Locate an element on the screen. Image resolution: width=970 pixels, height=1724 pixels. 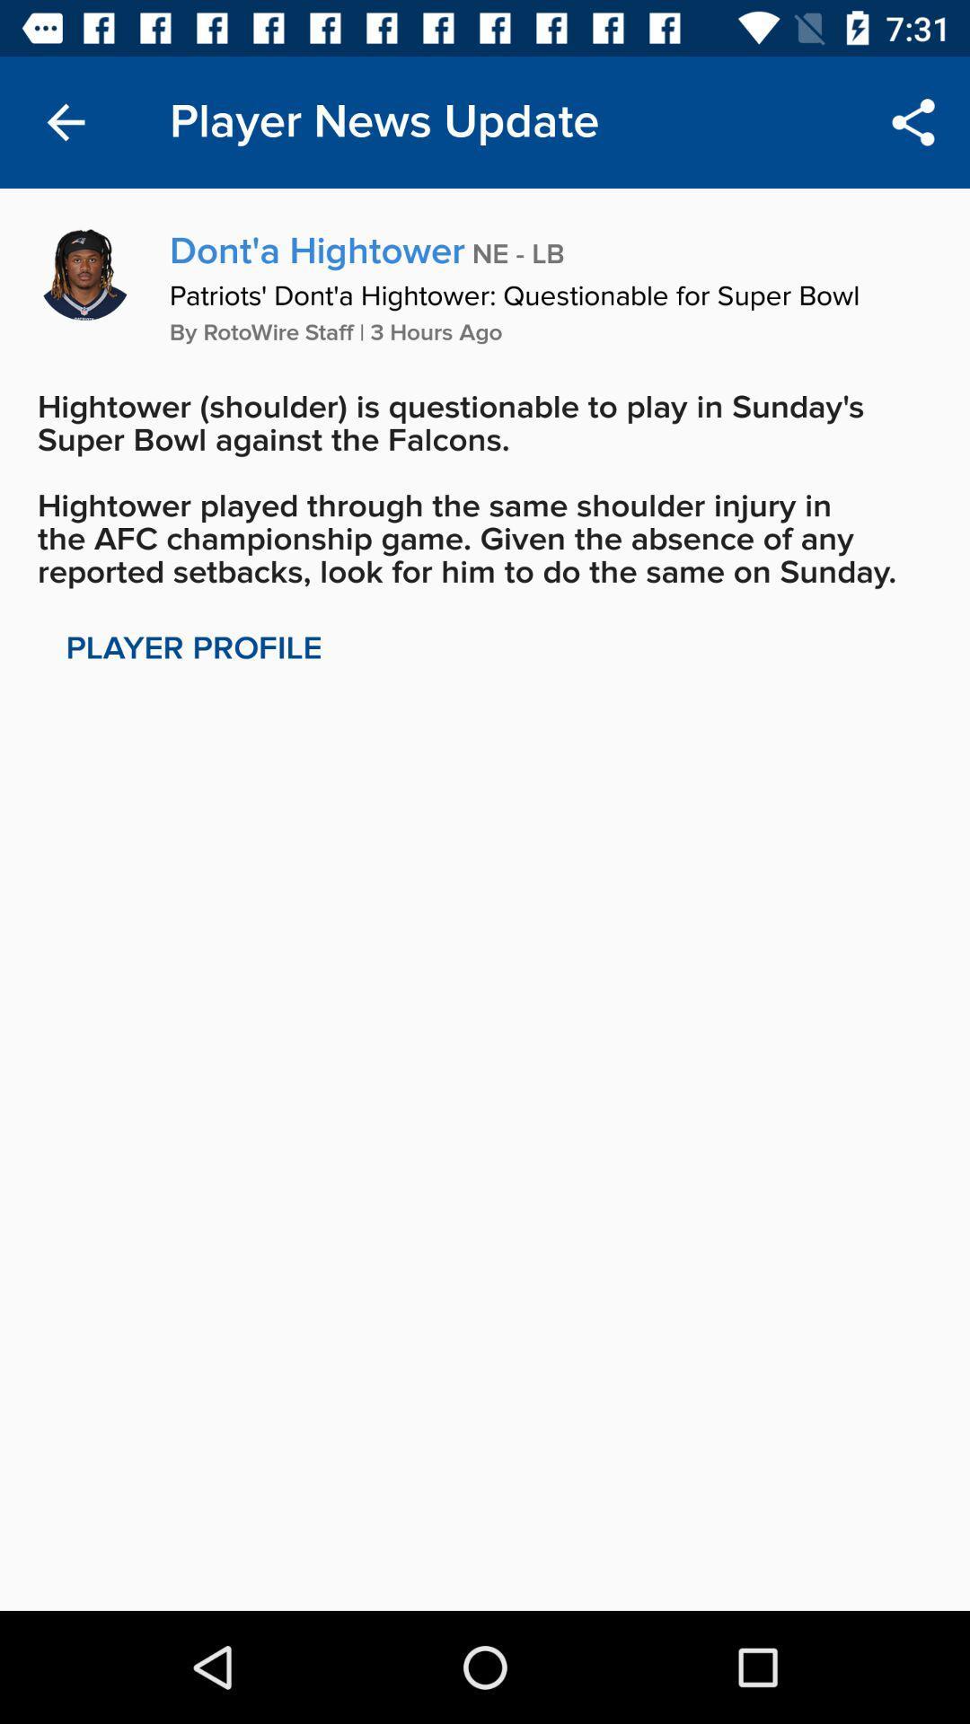
icon below by rotowire staff is located at coordinates (485, 489).